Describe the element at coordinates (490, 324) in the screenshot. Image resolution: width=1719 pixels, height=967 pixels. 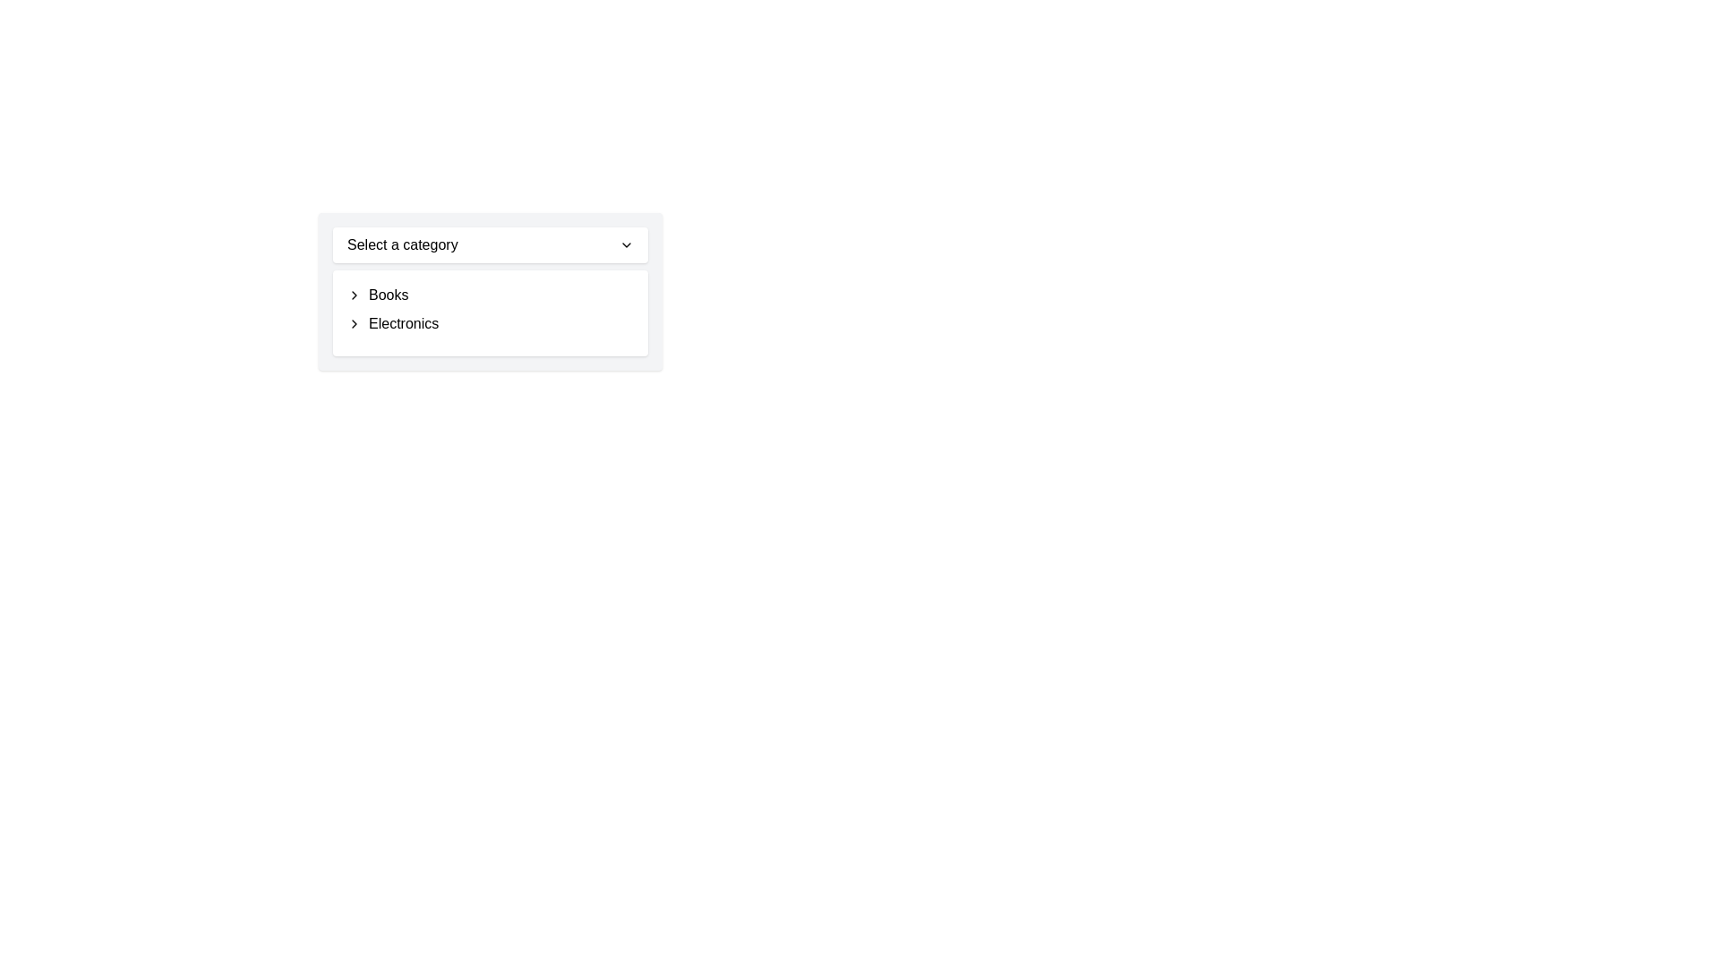
I see `the 'Electronics' category list item, which is the second item in the vertical list below the 'Books' entry` at that location.